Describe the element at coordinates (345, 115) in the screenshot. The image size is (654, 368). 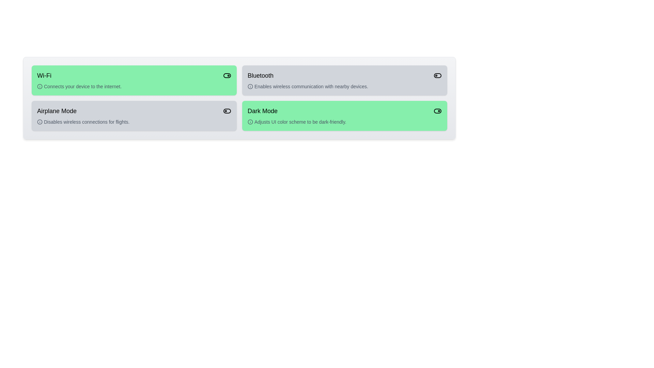
I see `the card for Dark Mode` at that location.